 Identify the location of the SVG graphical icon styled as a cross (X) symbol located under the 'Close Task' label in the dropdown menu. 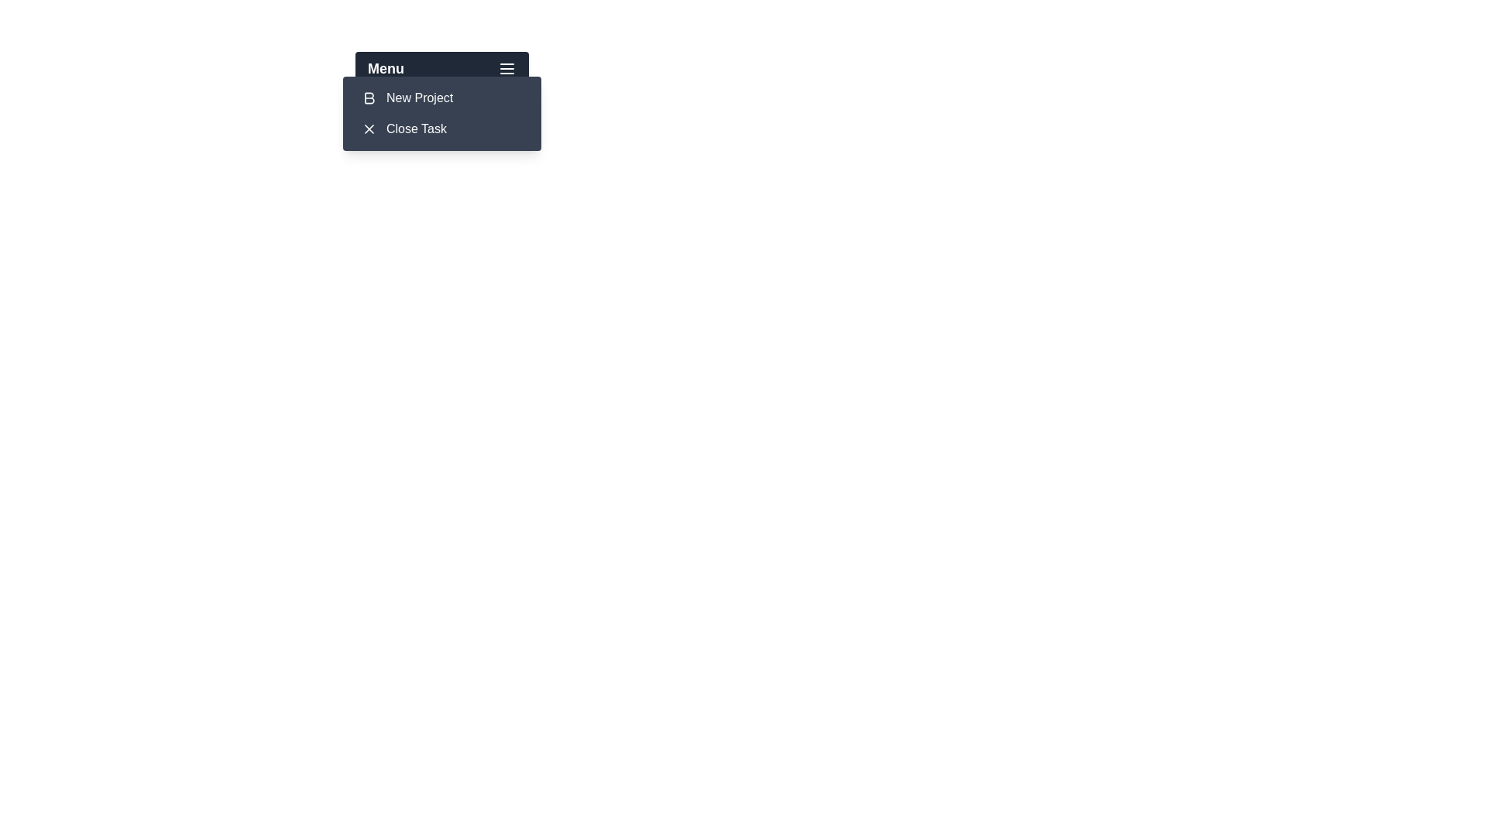
(368, 128).